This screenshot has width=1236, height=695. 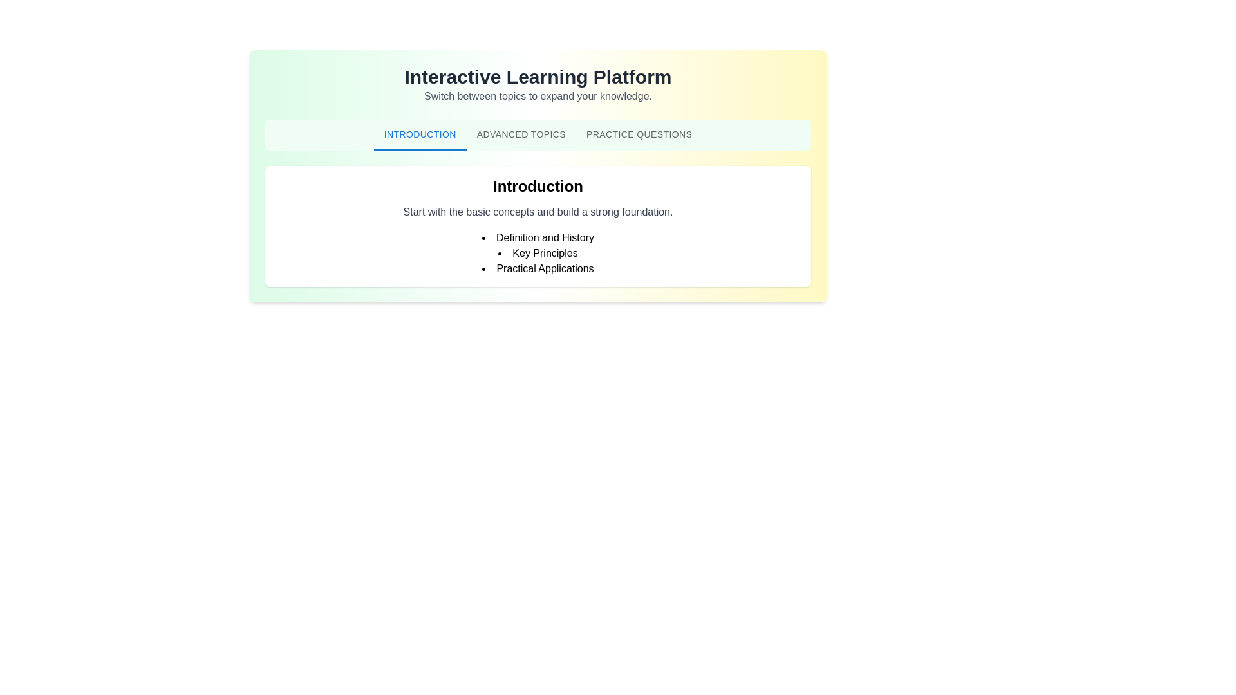 What do you see at coordinates (538, 212) in the screenshot?
I see `the static text element that provides context for the 'Introduction' section, located beneath the 'Introduction' heading and above the bulleted list starting with 'Definition and History'` at bounding box center [538, 212].